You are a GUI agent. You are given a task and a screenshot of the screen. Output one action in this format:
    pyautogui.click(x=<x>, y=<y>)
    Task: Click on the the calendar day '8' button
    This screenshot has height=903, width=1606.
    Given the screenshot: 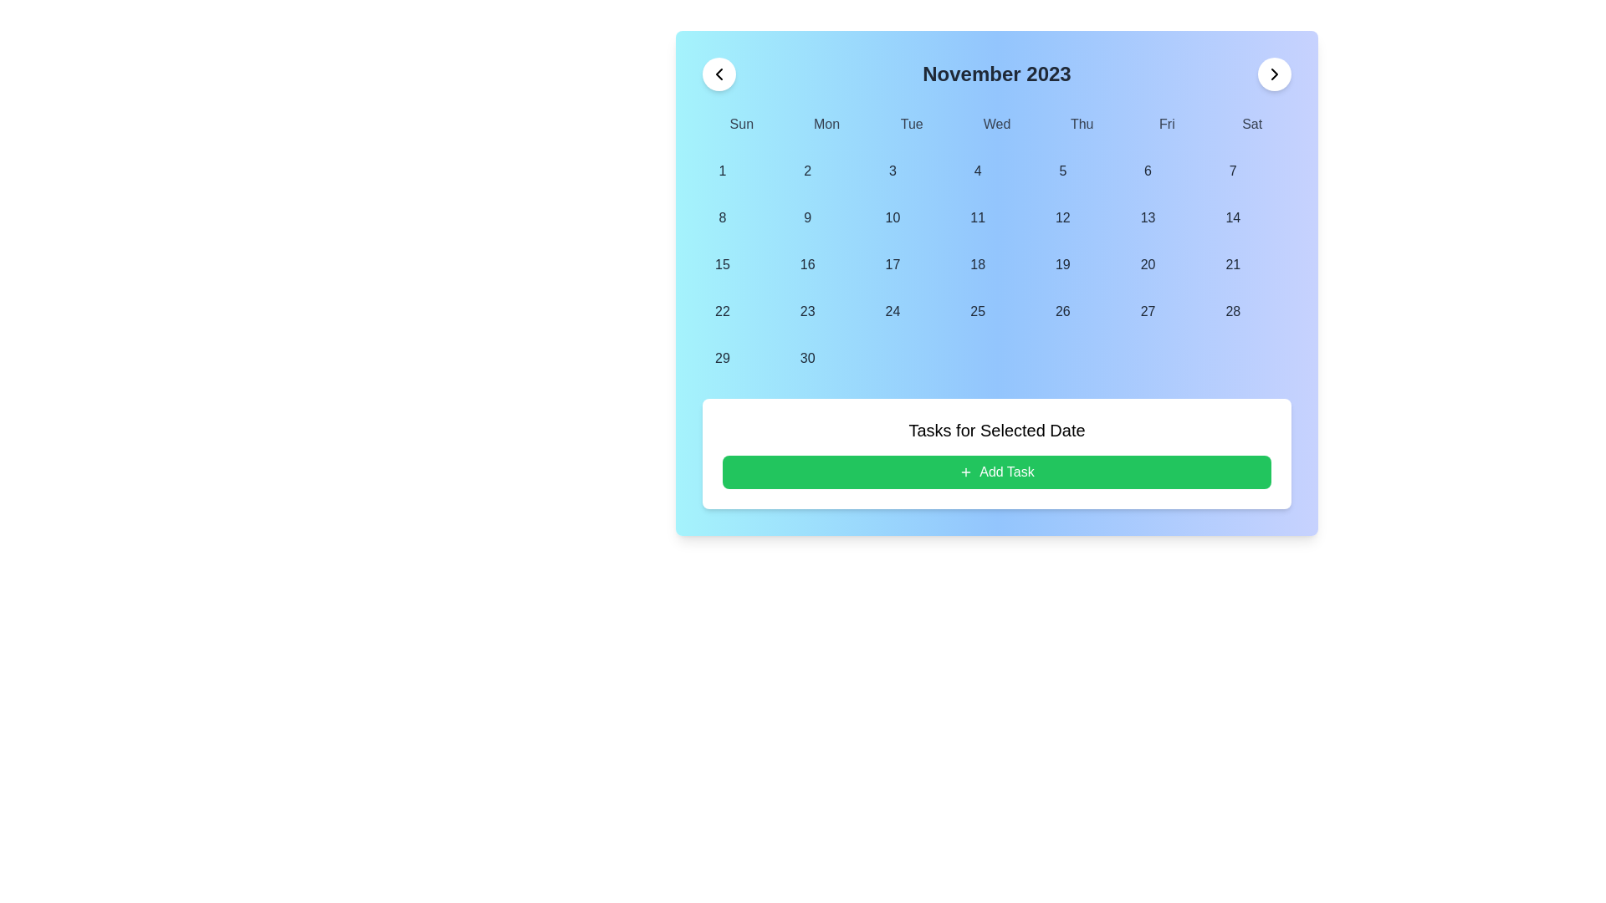 What is the action you would take?
    pyautogui.click(x=723, y=217)
    